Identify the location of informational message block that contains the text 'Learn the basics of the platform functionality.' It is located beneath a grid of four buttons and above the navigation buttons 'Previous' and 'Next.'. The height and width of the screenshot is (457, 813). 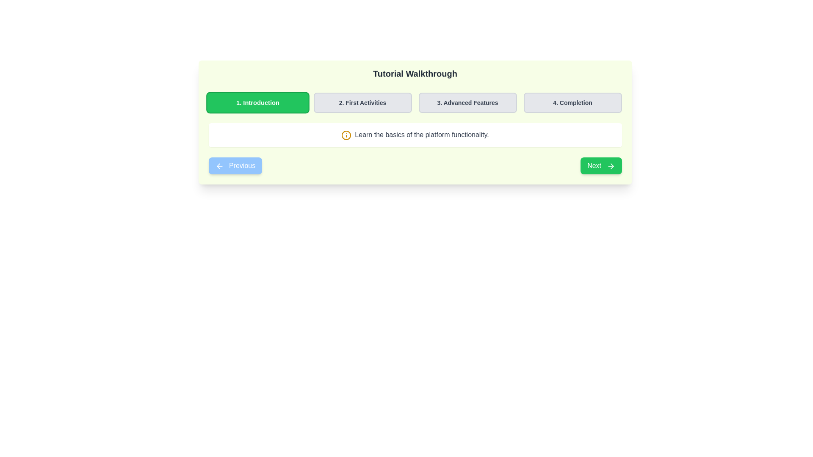
(415, 135).